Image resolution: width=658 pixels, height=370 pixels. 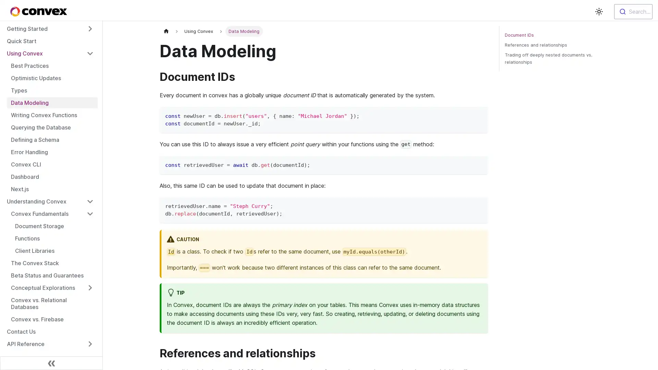 I want to click on Toggle the collapsible sidebar category 'Using Convex', so click(x=90, y=53).